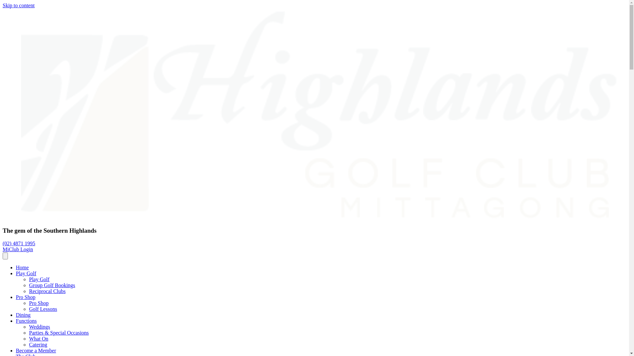 Image resolution: width=634 pixels, height=356 pixels. I want to click on 'Weddings', so click(39, 327).